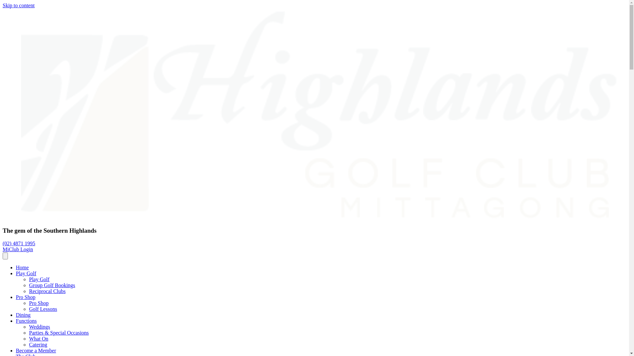 Image resolution: width=634 pixels, height=356 pixels. I want to click on 'Weddings', so click(39, 327).